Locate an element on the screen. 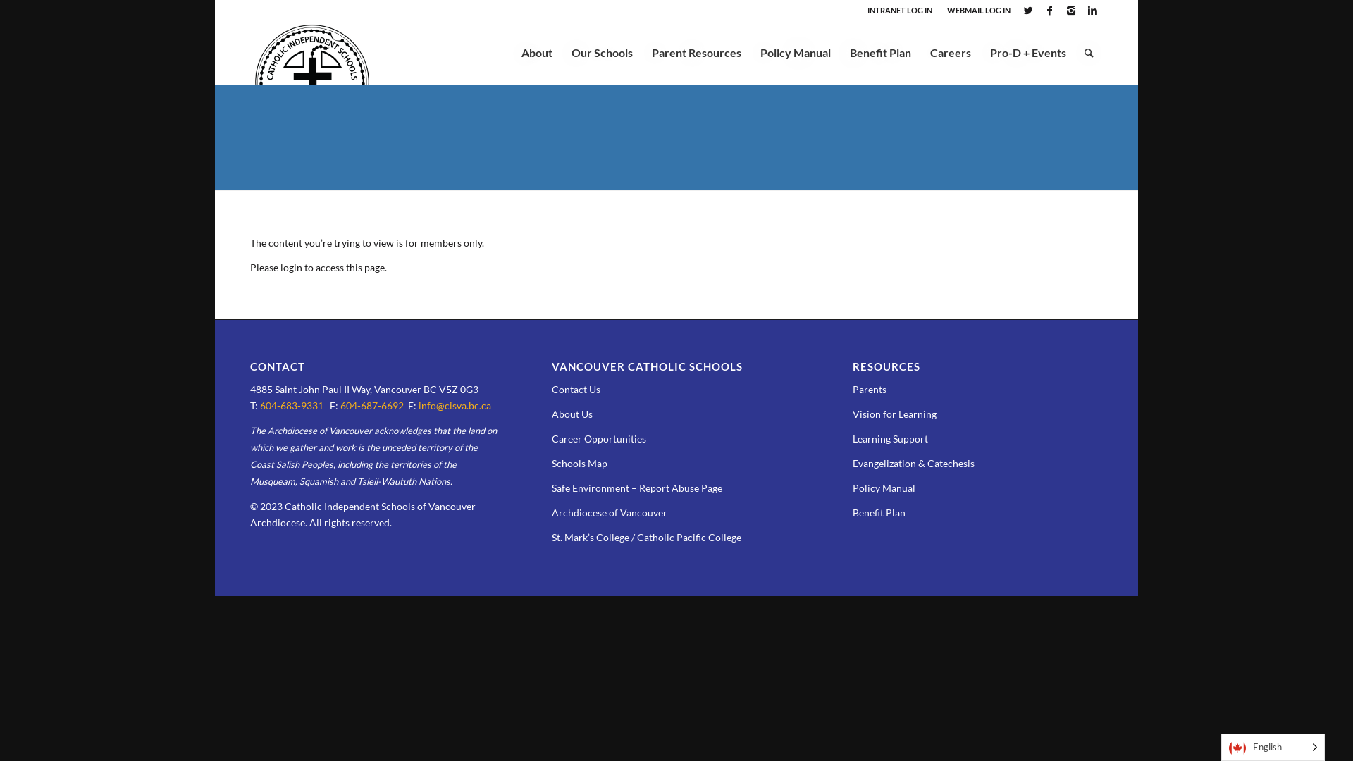 The height and width of the screenshot is (761, 1353). 'Parents' is located at coordinates (851, 389).